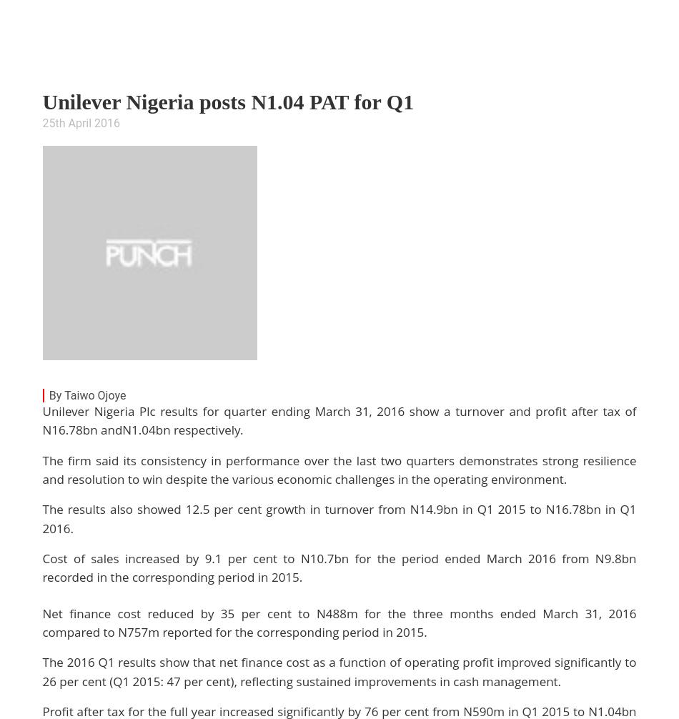 This screenshot has height=719, width=679. What do you see at coordinates (561, 64) in the screenshot?
I see `'HealthWise'` at bounding box center [561, 64].